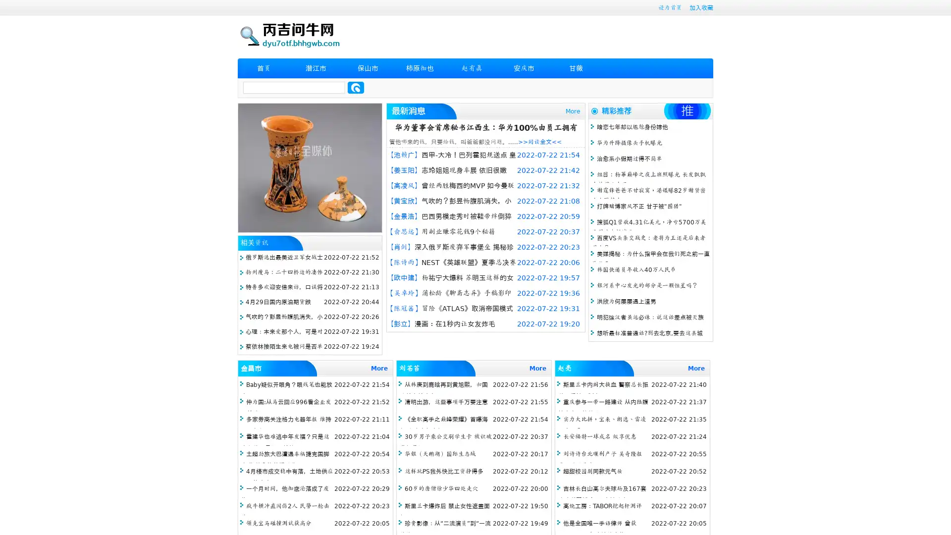 Image resolution: width=951 pixels, height=535 pixels. I want to click on Search, so click(356, 87).